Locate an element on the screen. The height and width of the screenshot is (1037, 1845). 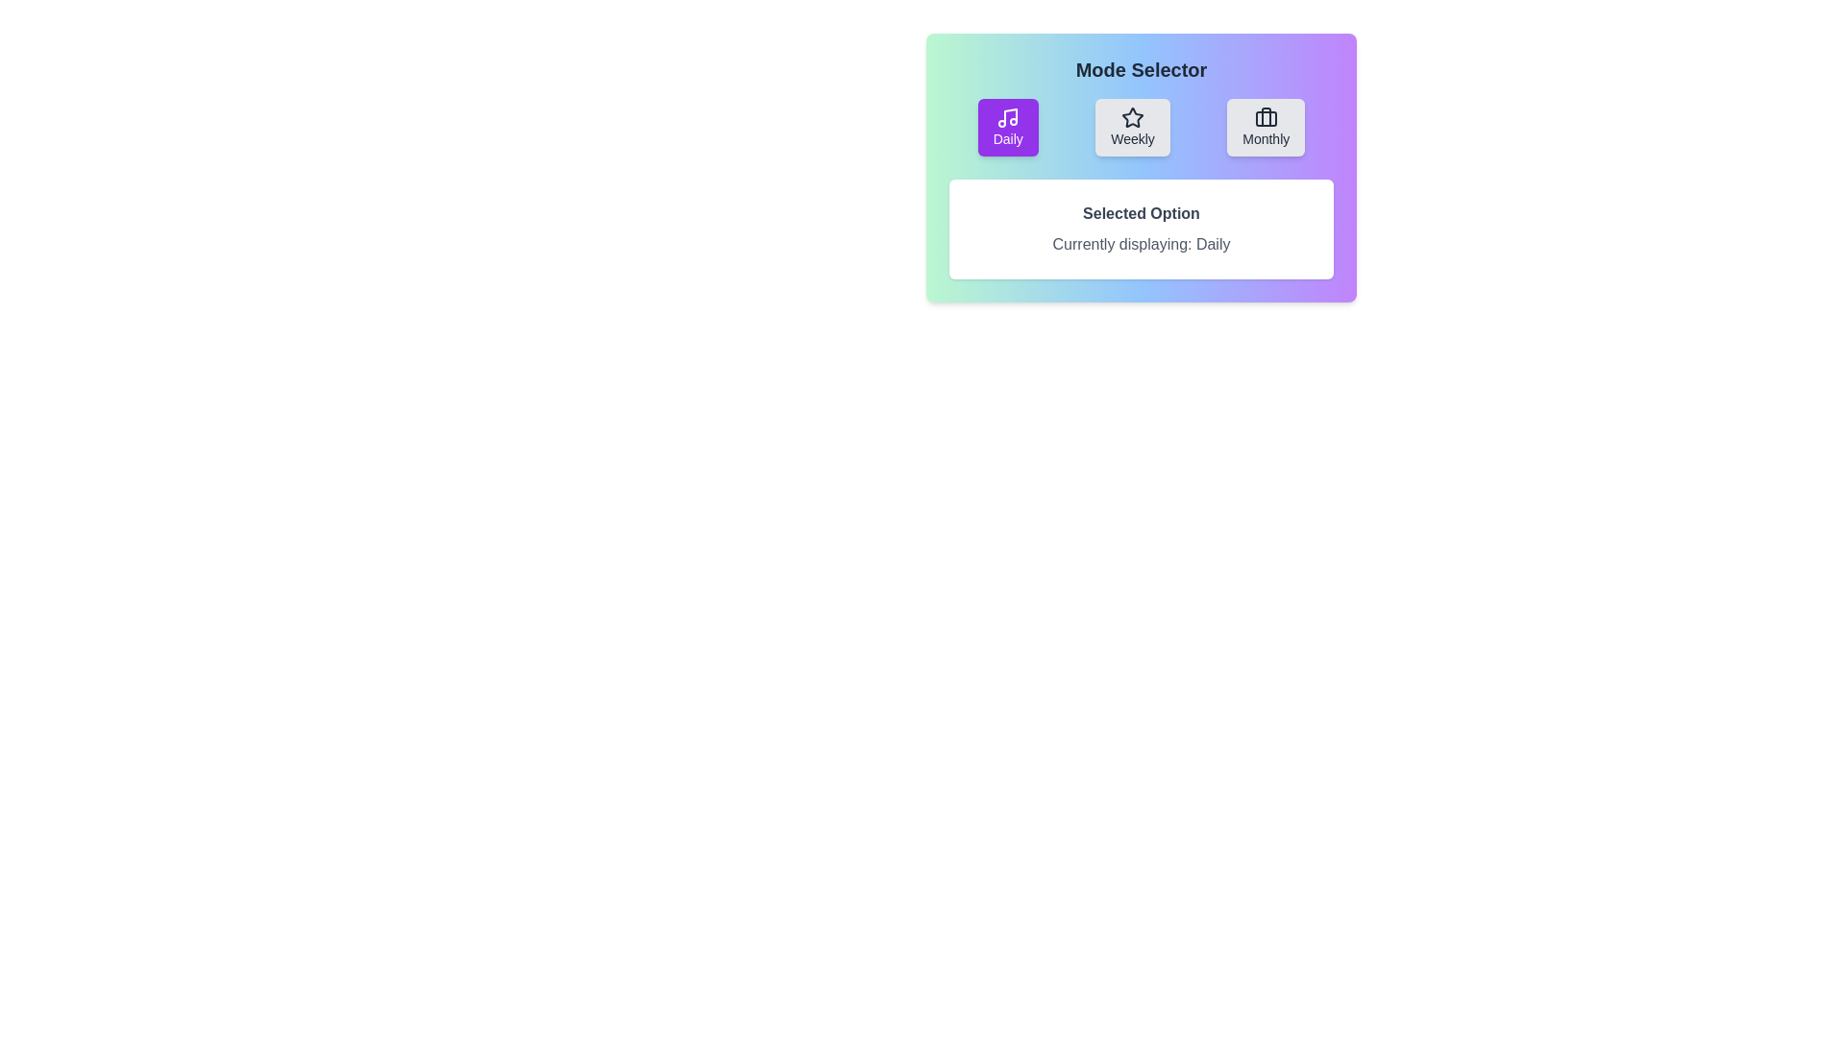
the compact rectangle with rounded corners that is part of the briefcase icon SVG, located towards the bottom of the icon is located at coordinates (1266, 118).